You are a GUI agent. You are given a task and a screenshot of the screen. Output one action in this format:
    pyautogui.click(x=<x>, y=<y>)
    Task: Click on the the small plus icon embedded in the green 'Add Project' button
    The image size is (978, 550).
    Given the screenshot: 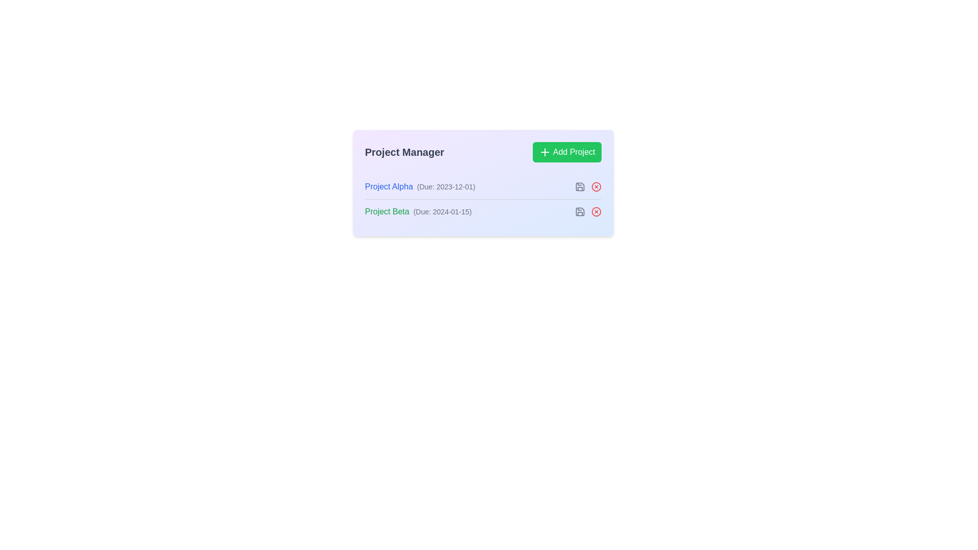 What is the action you would take?
    pyautogui.click(x=544, y=152)
    